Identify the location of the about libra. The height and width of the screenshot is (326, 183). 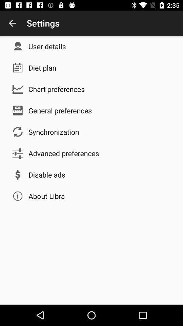
(46, 196).